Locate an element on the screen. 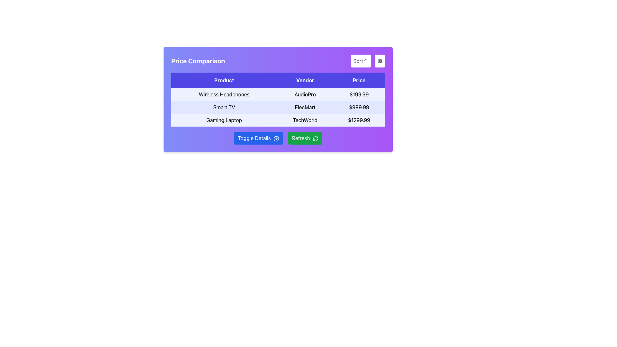 This screenshot has width=617, height=347. the second table row that displays product information, located between the first and third rows in the table layout is located at coordinates (278, 107).